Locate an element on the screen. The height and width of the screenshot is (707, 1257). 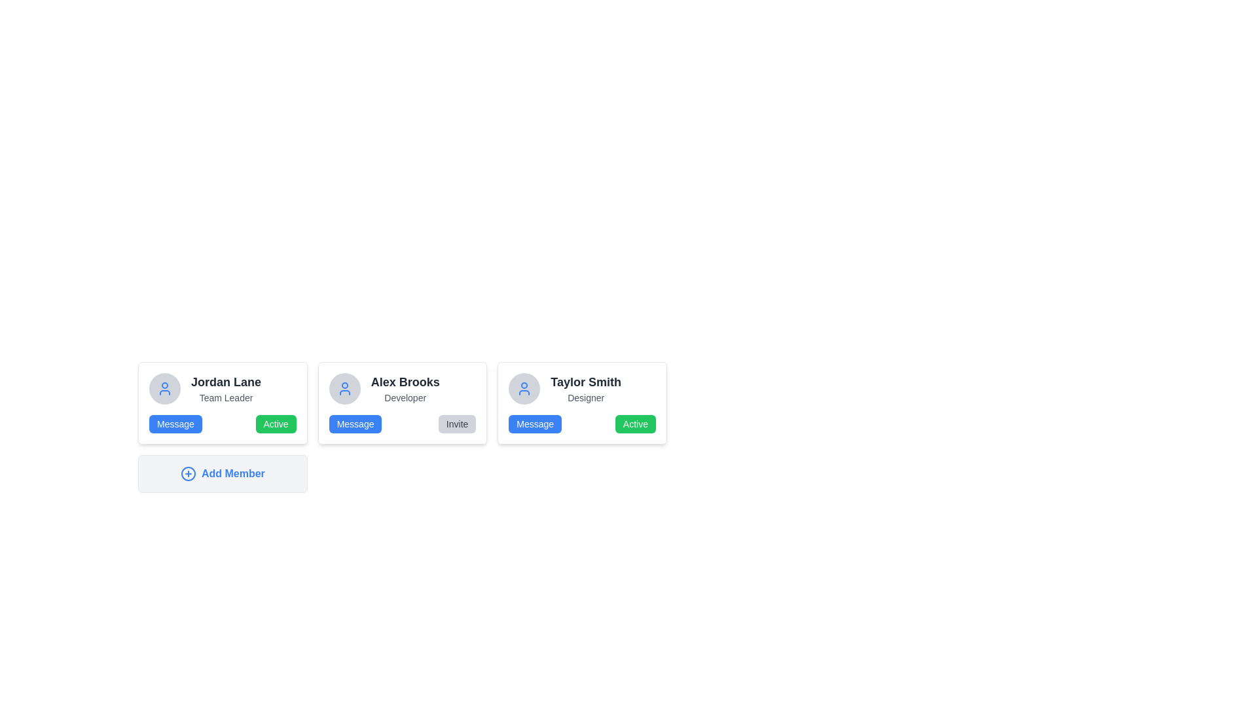
the button located in the first user profile card, positioned to the left of the 'Active' button is located at coordinates (175, 424).